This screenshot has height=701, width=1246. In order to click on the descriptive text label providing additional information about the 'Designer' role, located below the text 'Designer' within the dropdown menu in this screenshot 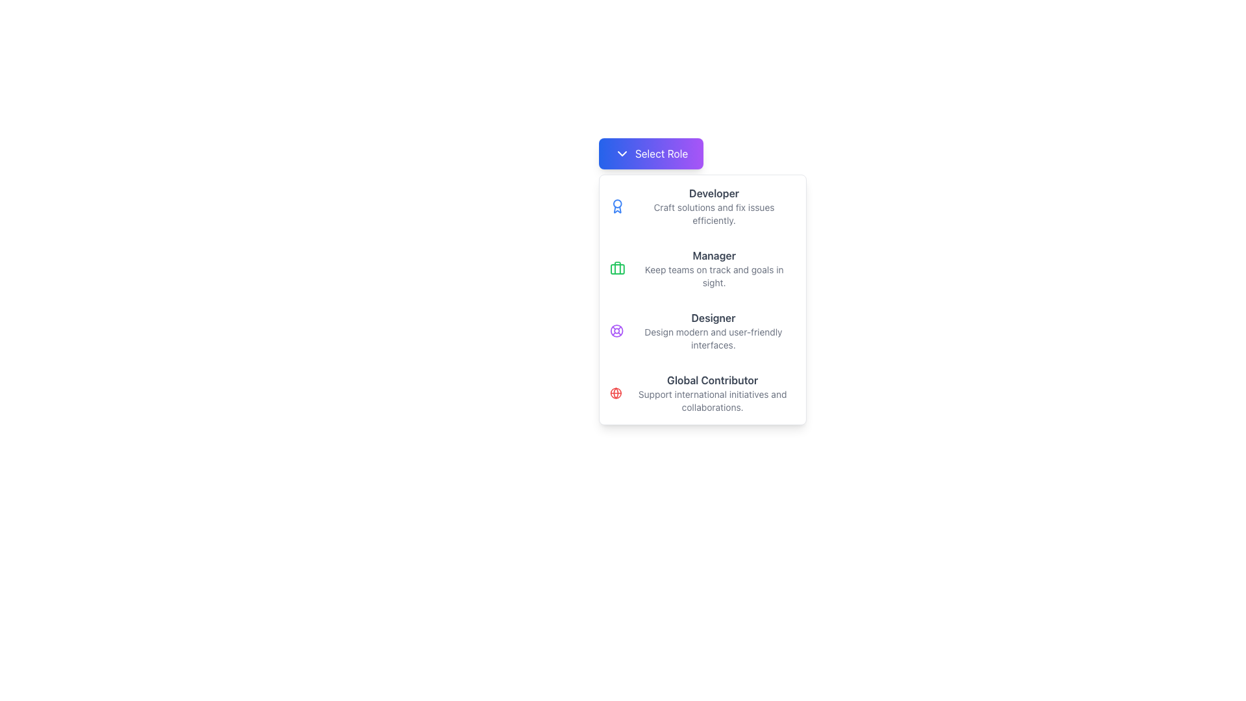, I will do `click(713, 338)`.